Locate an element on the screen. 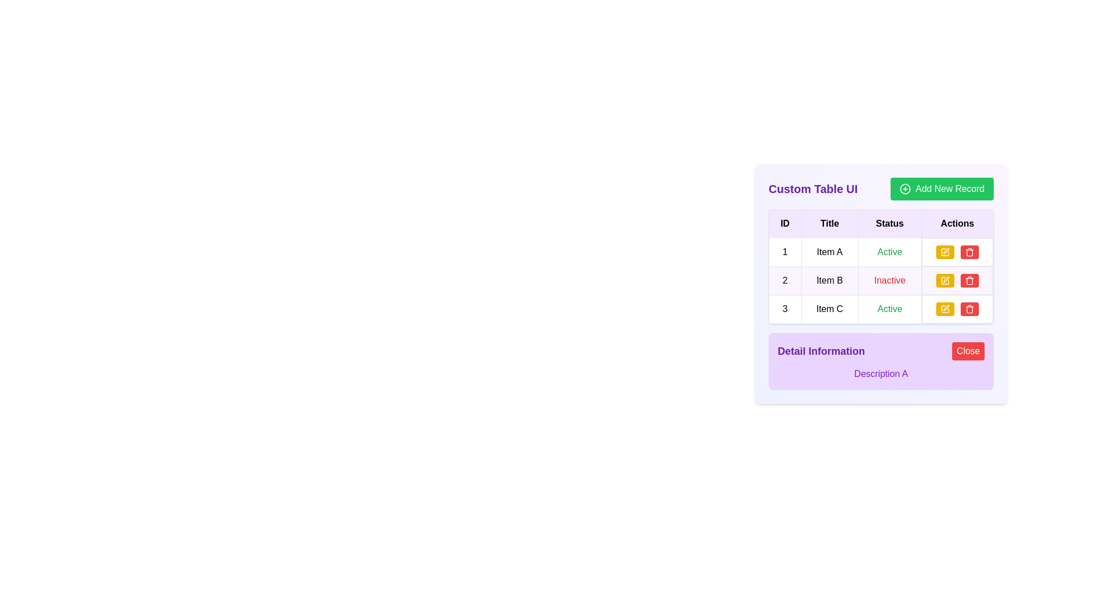  the edit button located in the 'Actions' column of the first row in the 'Custom Table UI', which is the first button in the 'Actions' group next to a red trash icon is located at coordinates (945, 252).